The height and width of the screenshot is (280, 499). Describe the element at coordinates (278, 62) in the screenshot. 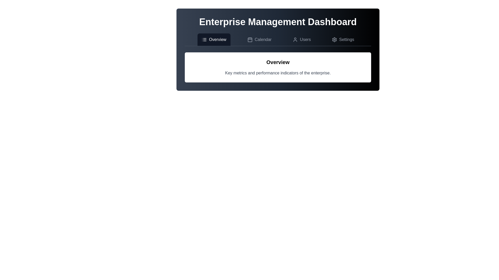

I see `displayed text of the bold 'Overview' label located at the top center of the white rounded rectangular card in the main dashboard interface` at that location.